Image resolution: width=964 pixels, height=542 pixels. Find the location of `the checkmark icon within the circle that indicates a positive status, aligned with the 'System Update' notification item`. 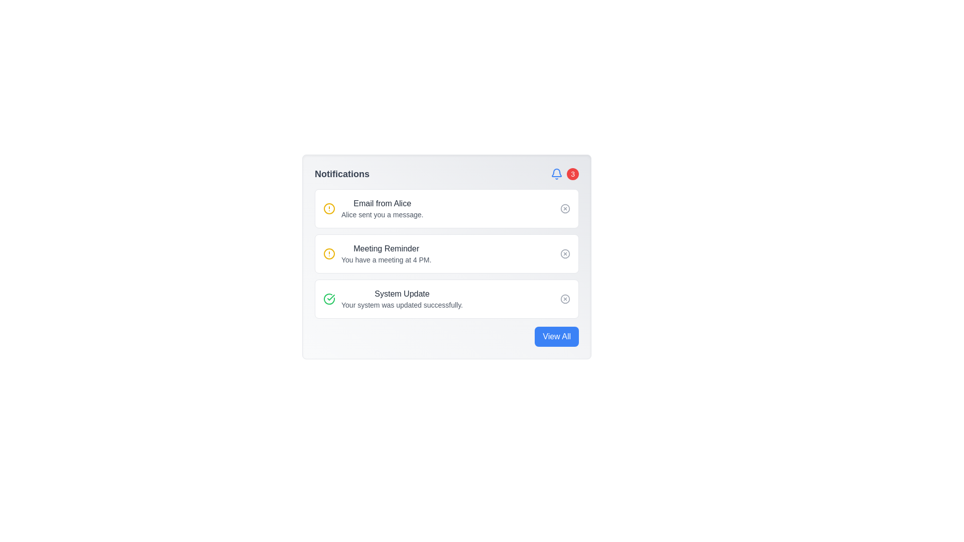

the checkmark icon within the circle that indicates a positive status, aligned with the 'System Update' notification item is located at coordinates (331, 297).